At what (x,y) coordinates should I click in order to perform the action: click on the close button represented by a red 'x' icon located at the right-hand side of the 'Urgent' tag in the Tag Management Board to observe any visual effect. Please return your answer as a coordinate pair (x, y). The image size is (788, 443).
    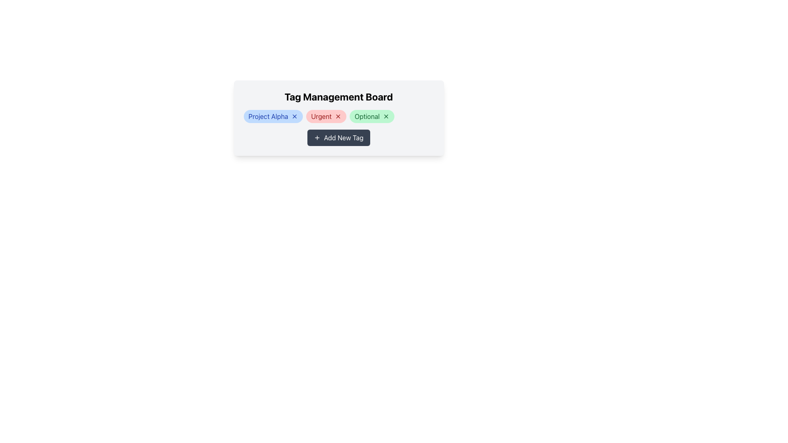
    Looking at the image, I should click on (338, 116).